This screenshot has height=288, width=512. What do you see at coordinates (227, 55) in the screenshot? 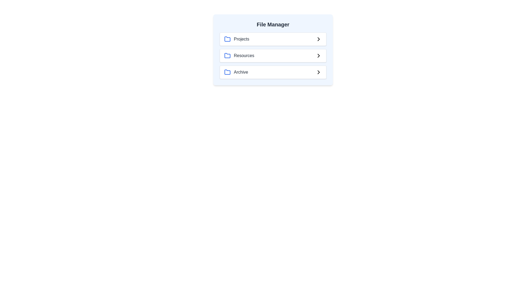
I see `the second icon representing the 'Resources' folder in the vertical list of folders in the 'File Manager' interface` at bounding box center [227, 55].